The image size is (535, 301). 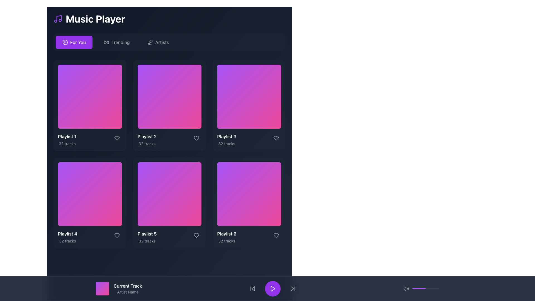 I want to click on the non-interactive text label that provides information about the number of tracks available in 'Playlist 2', which is located beneath the title 'Playlist 2' and above the interactive heart icon, so click(x=147, y=143).